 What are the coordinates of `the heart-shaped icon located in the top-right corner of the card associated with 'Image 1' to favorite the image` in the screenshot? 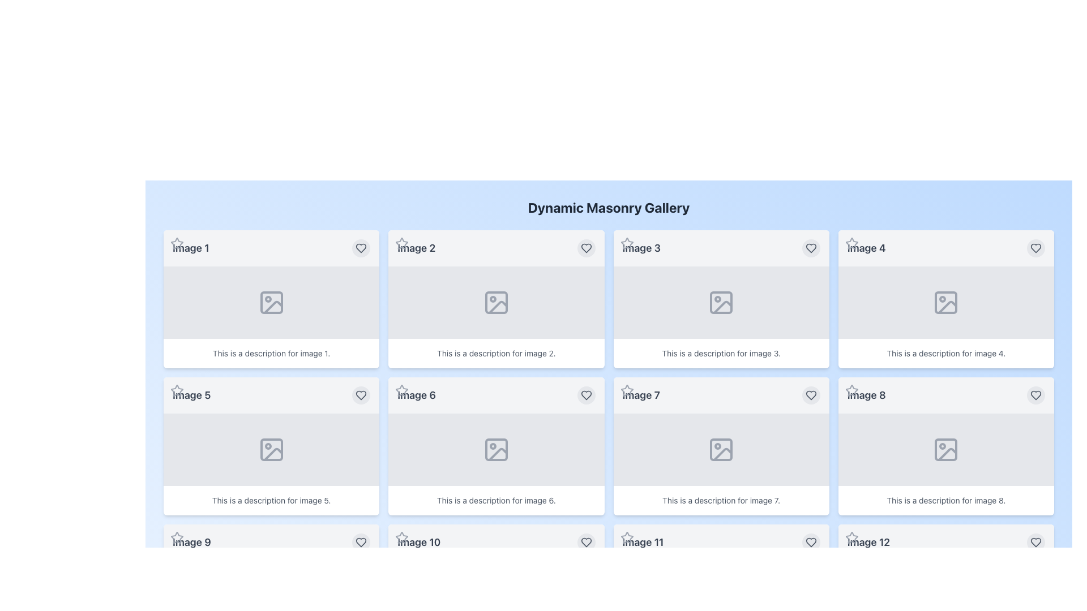 It's located at (361, 248).